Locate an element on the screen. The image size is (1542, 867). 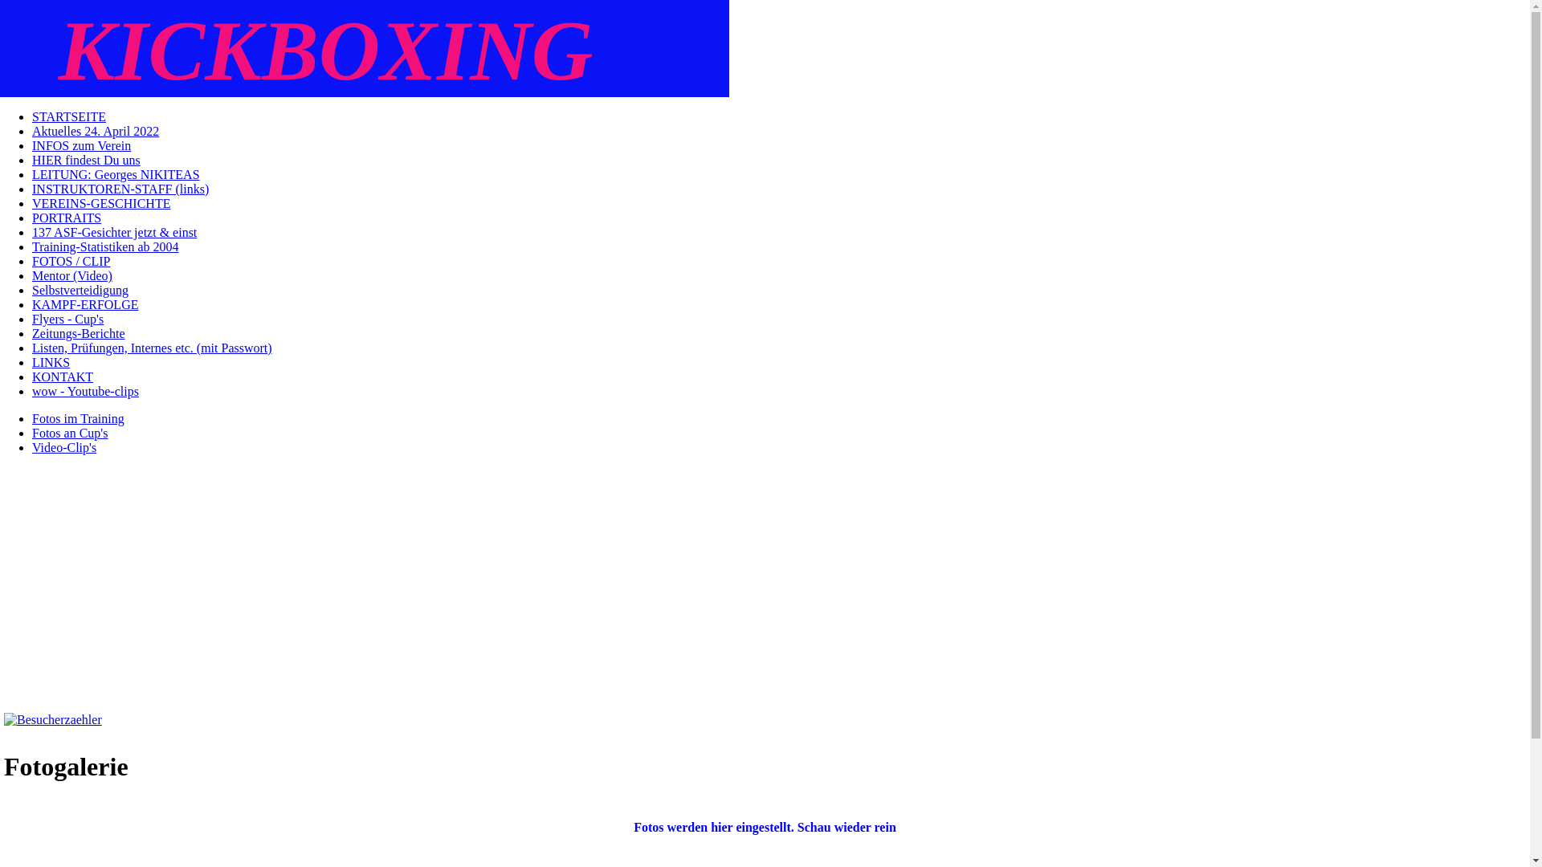
'Fotos im Training' is located at coordinates (31, 417).